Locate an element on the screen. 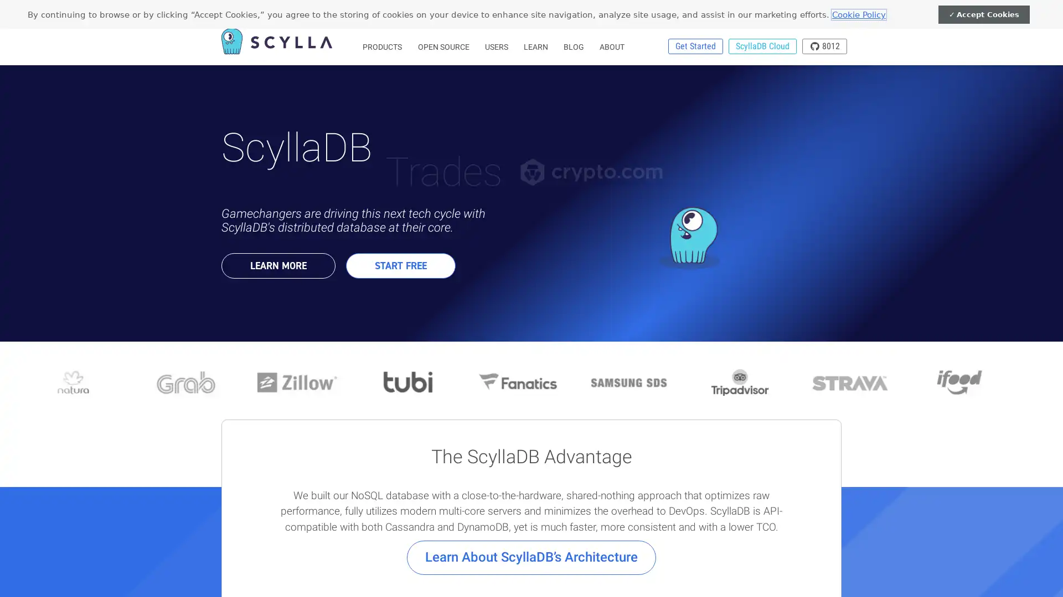  Learn About ScyllaDBs Architecture is located at coordinates (531, 558).